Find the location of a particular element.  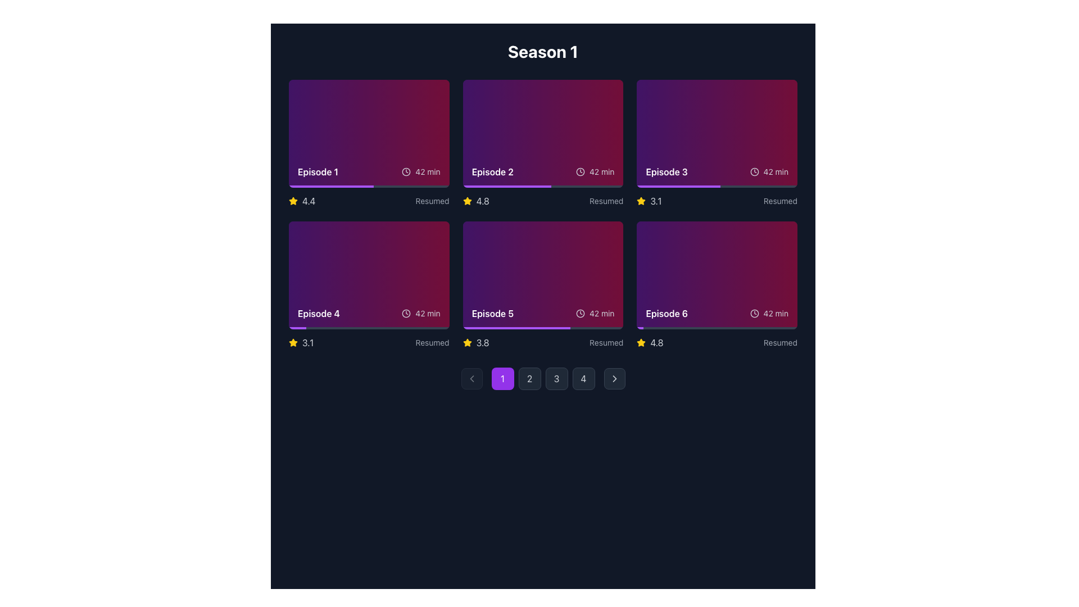

the light gray text label displaying '42 min' located at the bottom right corner of the 'Episode 4' section, adjacent to a clock icon is located at coordinates (427, 314).